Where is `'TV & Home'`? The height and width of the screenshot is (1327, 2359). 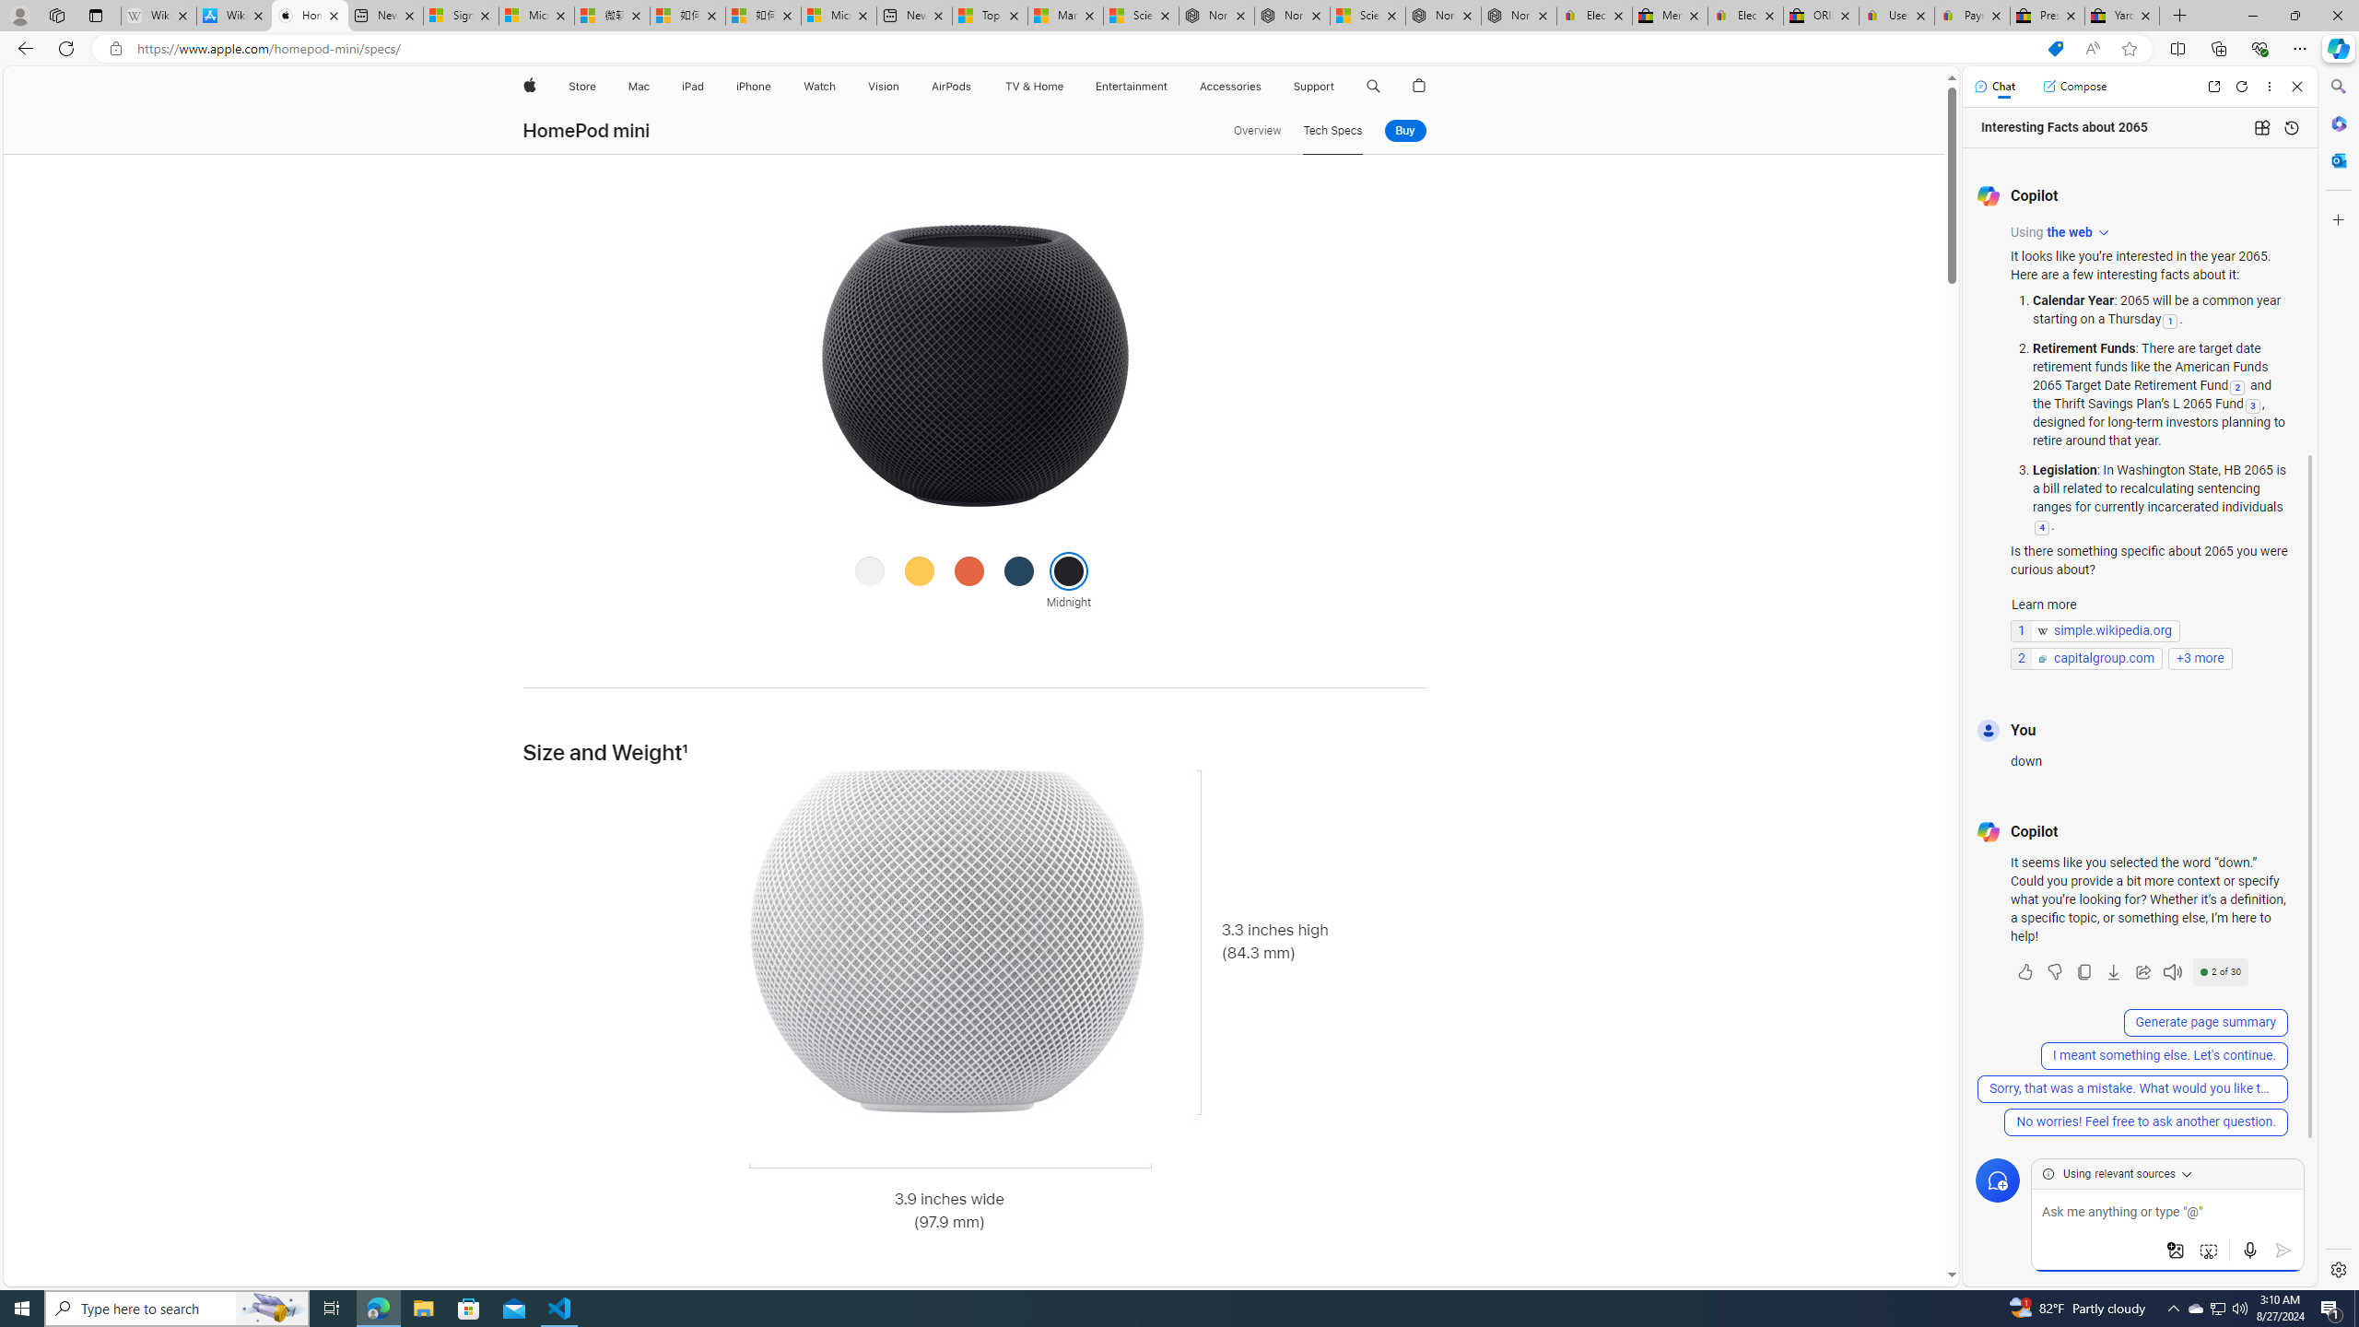 'TV & Home' is located at coordinates (1033, 86).